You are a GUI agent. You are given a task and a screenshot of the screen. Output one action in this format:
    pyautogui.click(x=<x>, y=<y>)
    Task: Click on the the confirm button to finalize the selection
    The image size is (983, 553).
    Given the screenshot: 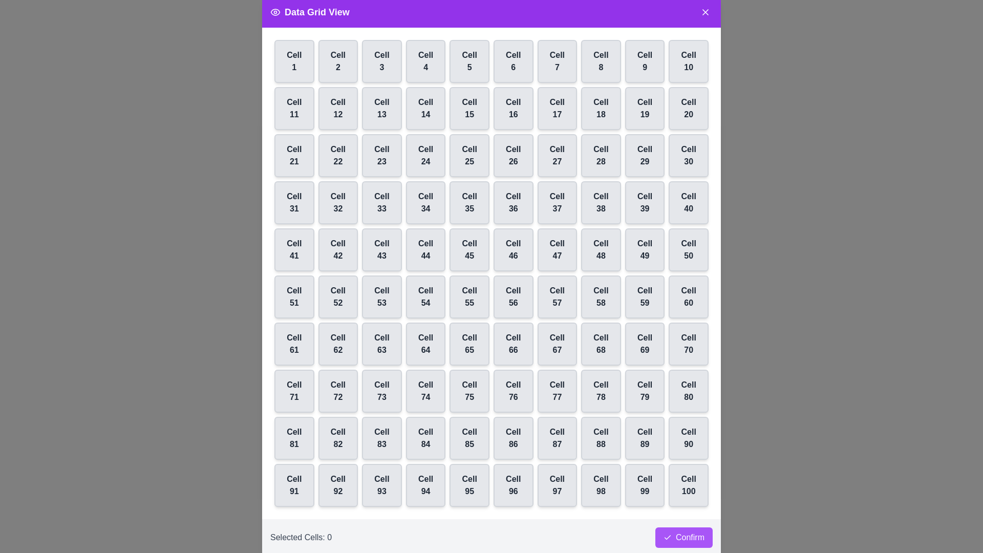 What is the action you would take?
    pyautogui.click(x=683, y=537)
    